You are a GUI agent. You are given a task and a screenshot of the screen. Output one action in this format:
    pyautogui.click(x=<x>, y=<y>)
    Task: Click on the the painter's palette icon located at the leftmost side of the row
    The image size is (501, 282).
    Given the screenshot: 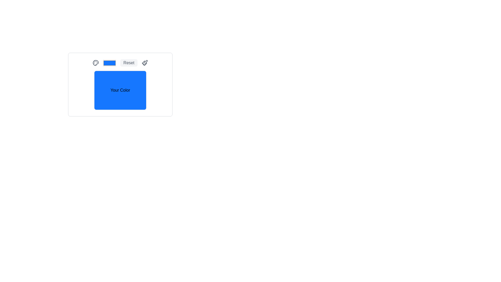 What is the action you would take?
    pyautogui.click(x=96, y=62)
    